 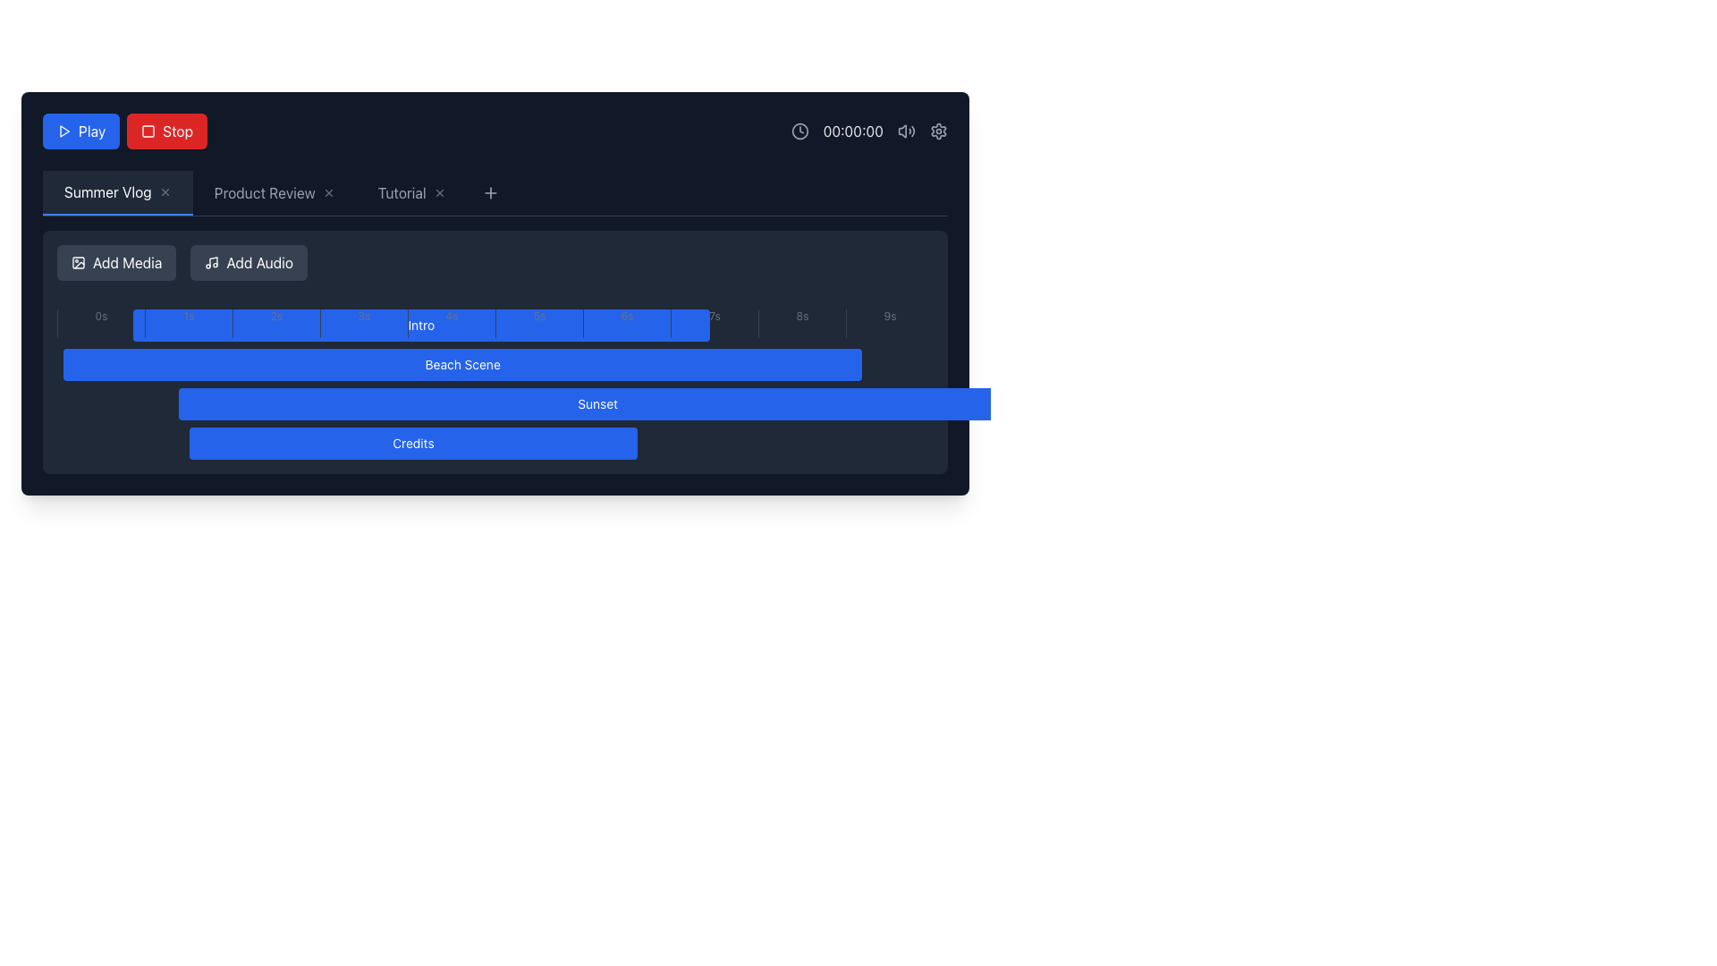 I want to click on the Progress bar segment located near the top of the interface, so click(x=495, y=324).